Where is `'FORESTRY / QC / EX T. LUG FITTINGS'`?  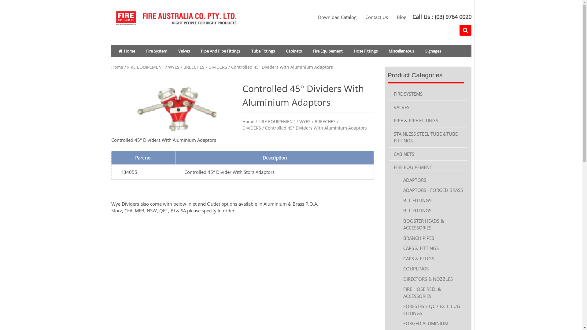 'FORESTRY / QC / EX T. LUG FITTINGS' is located at coordinates (431, 310).